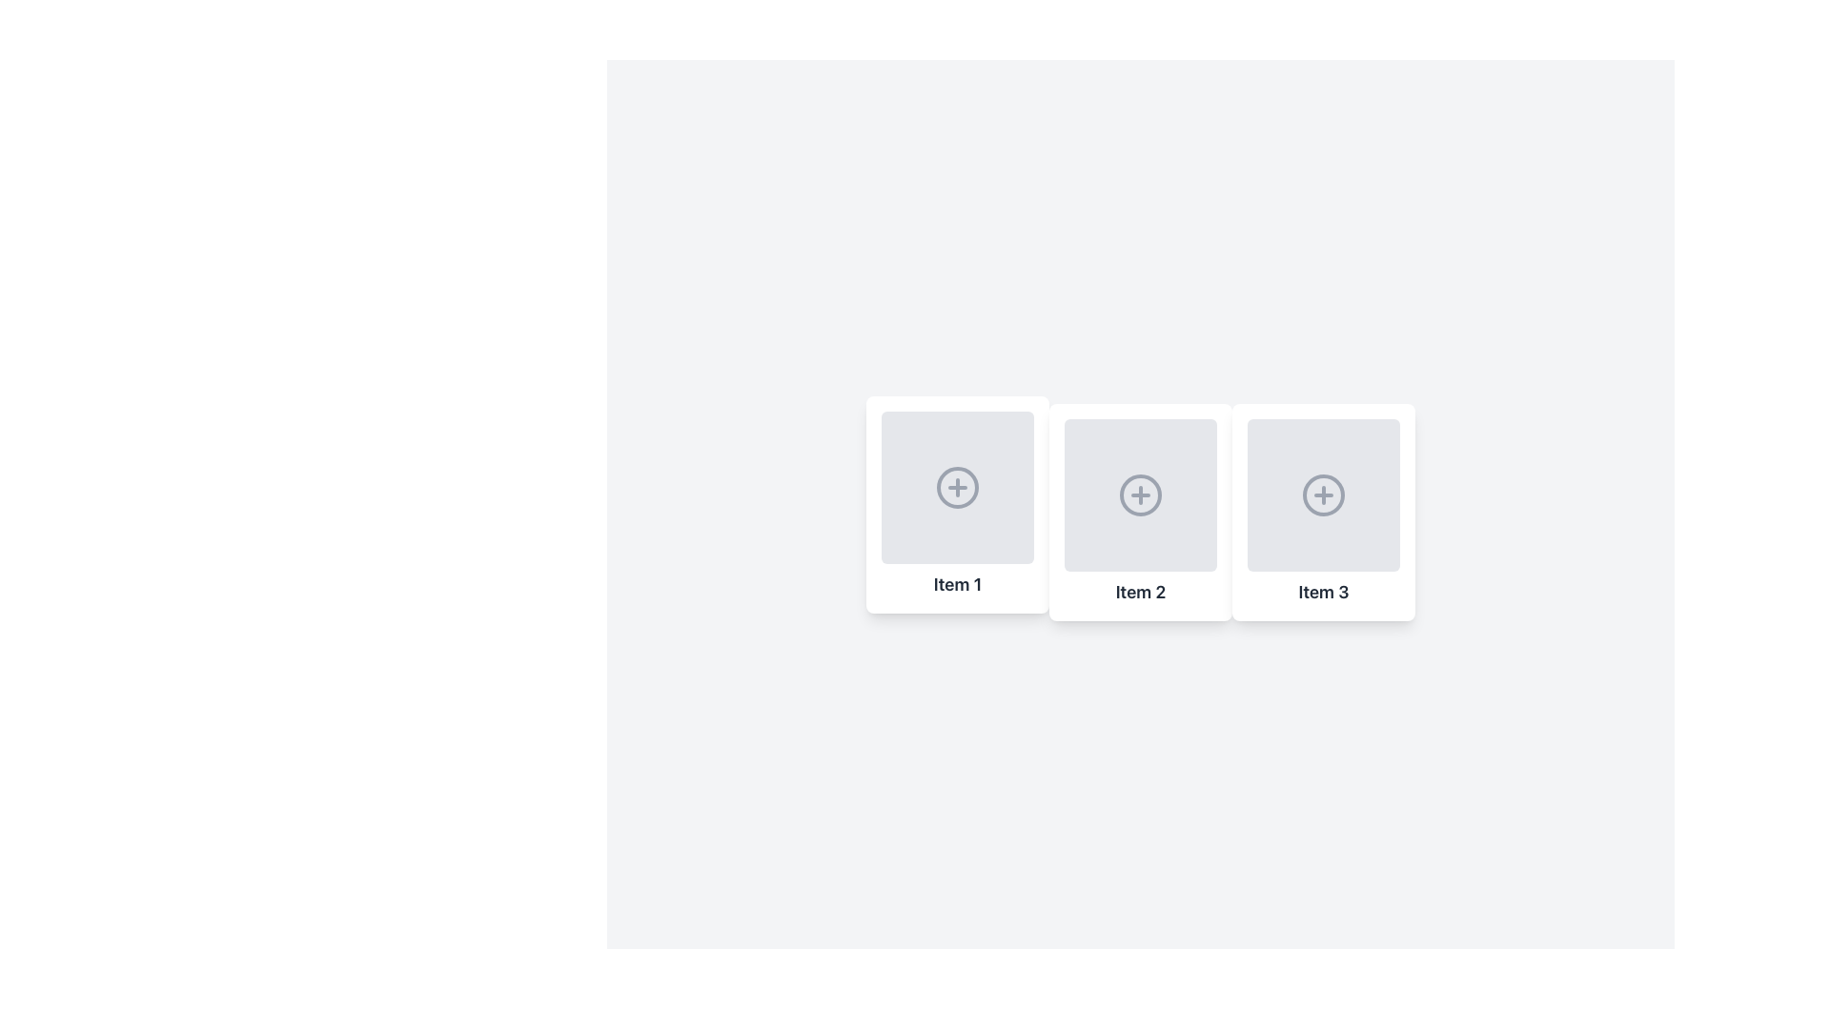 The height and width of the screenshot is (1029, 1830). Describe the element at coordinates (1322, 591) in the screenshot. I see `text from the text label that says 'Item 3', which is styled in bold and located beneath the circular plus icon in the rightmost card` at that location.